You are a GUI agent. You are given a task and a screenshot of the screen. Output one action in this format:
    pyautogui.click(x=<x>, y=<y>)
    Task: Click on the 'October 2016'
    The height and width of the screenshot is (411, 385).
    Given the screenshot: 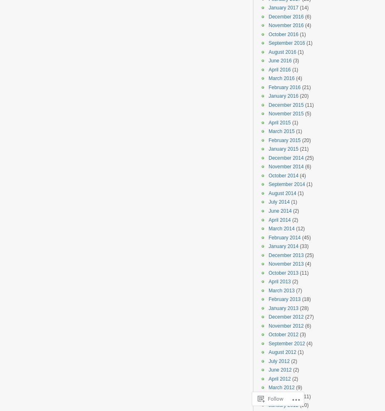 What is the action you would take?
    pyautogui.click(x=283, y=33)
    